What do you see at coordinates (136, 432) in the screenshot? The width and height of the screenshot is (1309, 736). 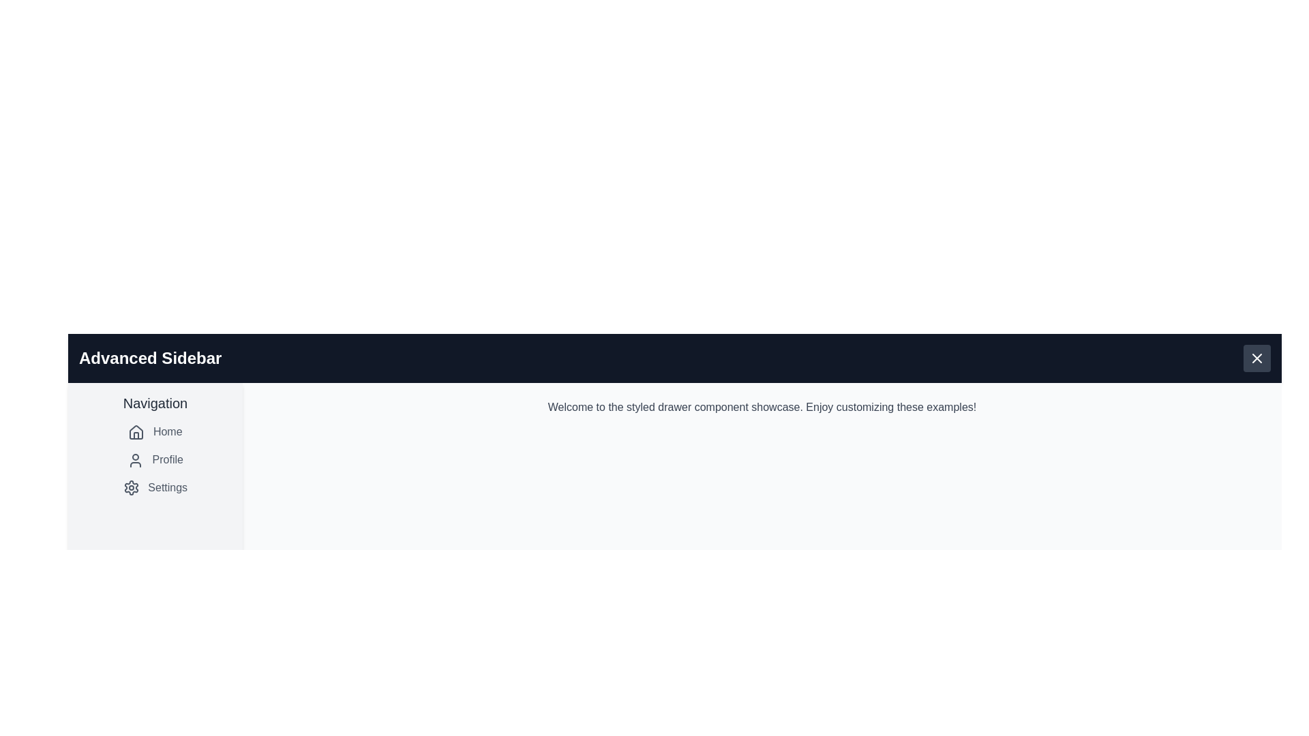 I see `the 'Home' menu icon located in the navigation menu` at bounding box center [136, 432].